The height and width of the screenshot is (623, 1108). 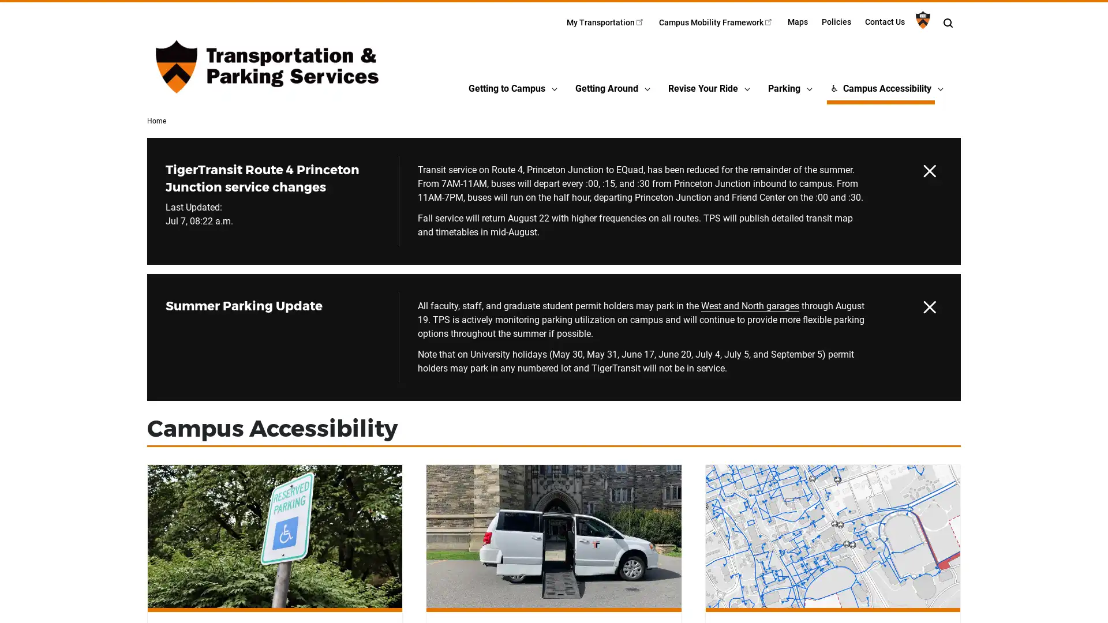 What do you see at coordinates (647, 88) in the screenshot?
I see `Getting AroundSubmenu` at bounding box center [647, 88].